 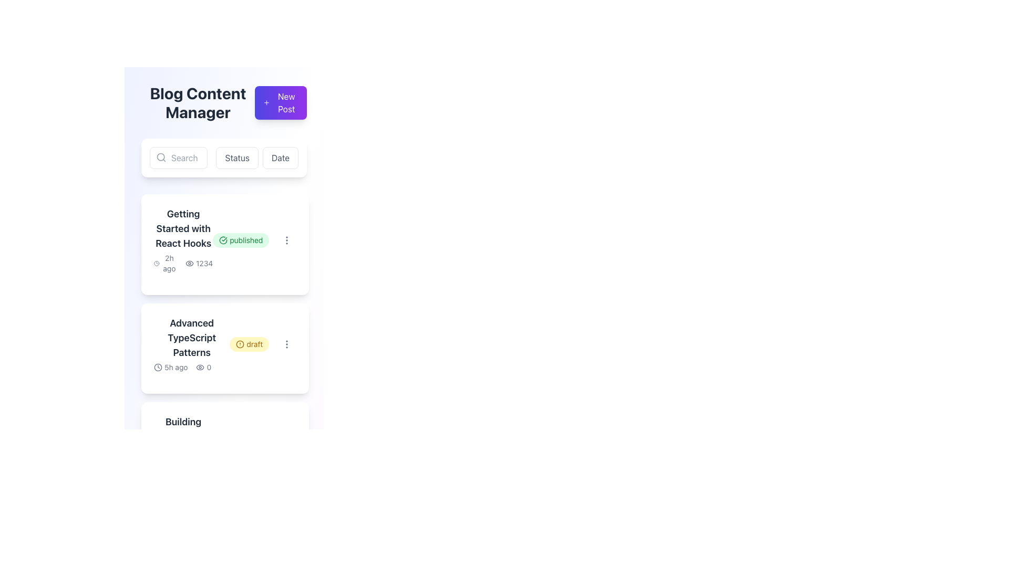 I want to click on the small, circular clock icon located next to the text '5h ago' at the bottom-left corner of the card labeled 'Advanced TypeScript Patterns', so click(x=158, y=366).